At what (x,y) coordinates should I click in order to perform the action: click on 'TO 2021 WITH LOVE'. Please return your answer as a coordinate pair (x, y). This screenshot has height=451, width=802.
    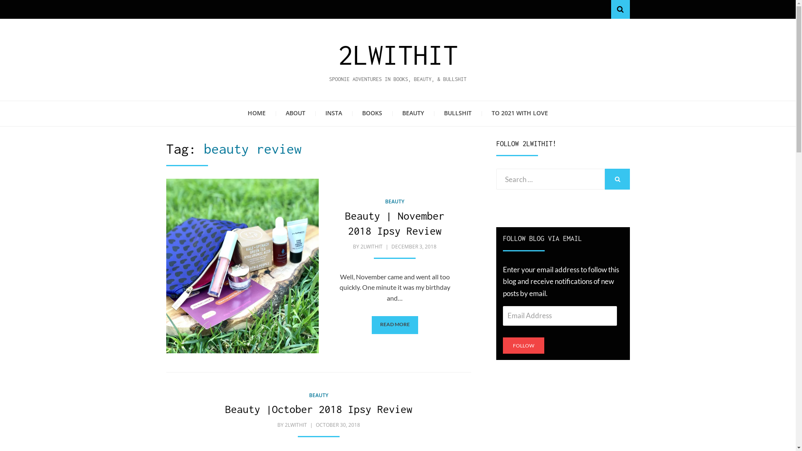
    Looking at the image, I should click on (481, 114).